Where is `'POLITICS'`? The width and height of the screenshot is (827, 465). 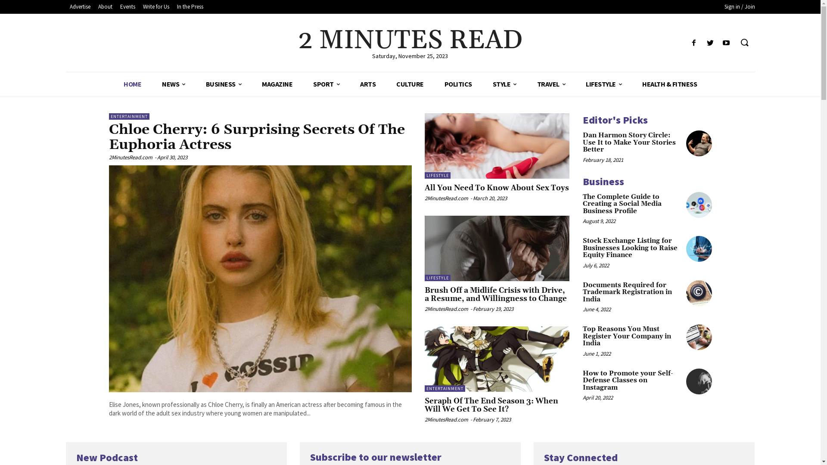
'POLITICS' is located at coordinates (458, 84).